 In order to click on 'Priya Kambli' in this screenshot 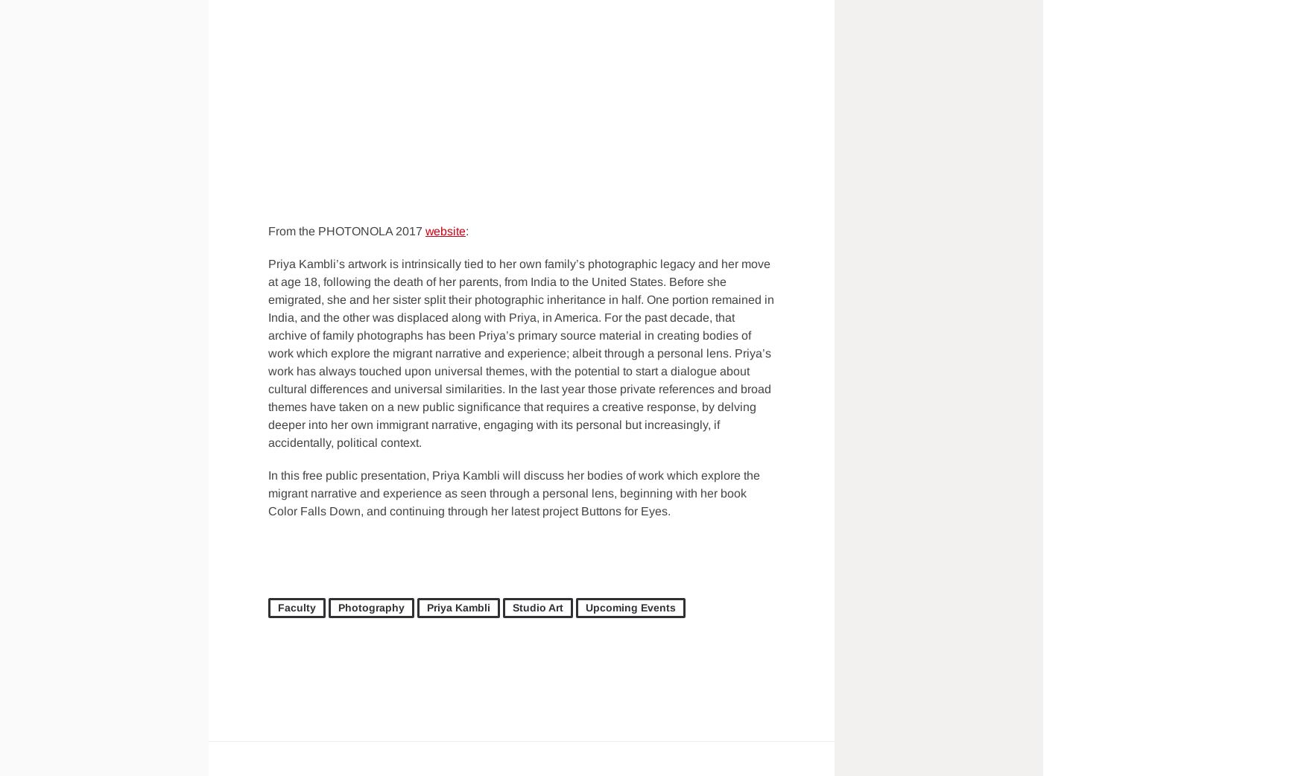, I will do `click(458, 607)`.